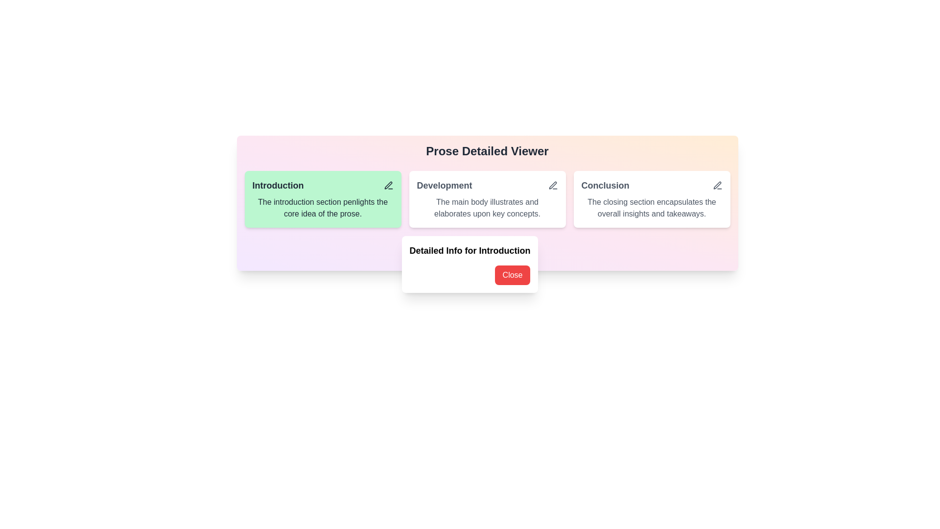  I want to click on descriptive text displayed in the grayish font within the 'Development' card, which elaborates key concepts, so click(487, 207).